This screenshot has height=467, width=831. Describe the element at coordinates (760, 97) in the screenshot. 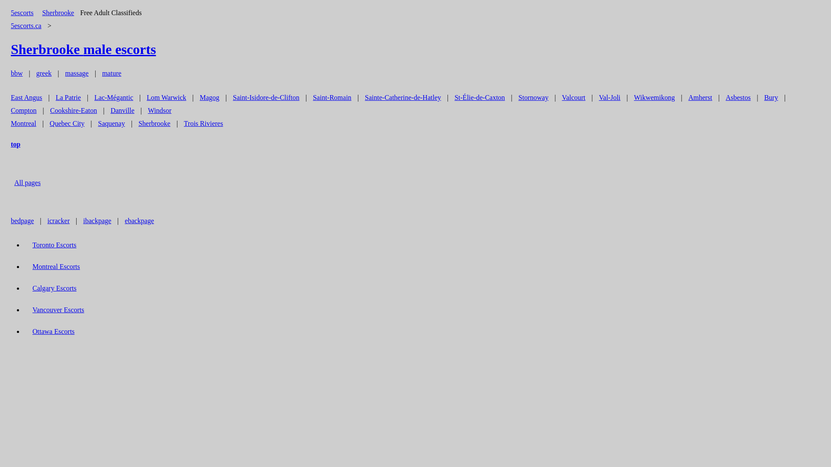

I see `'Bury'` at that location.